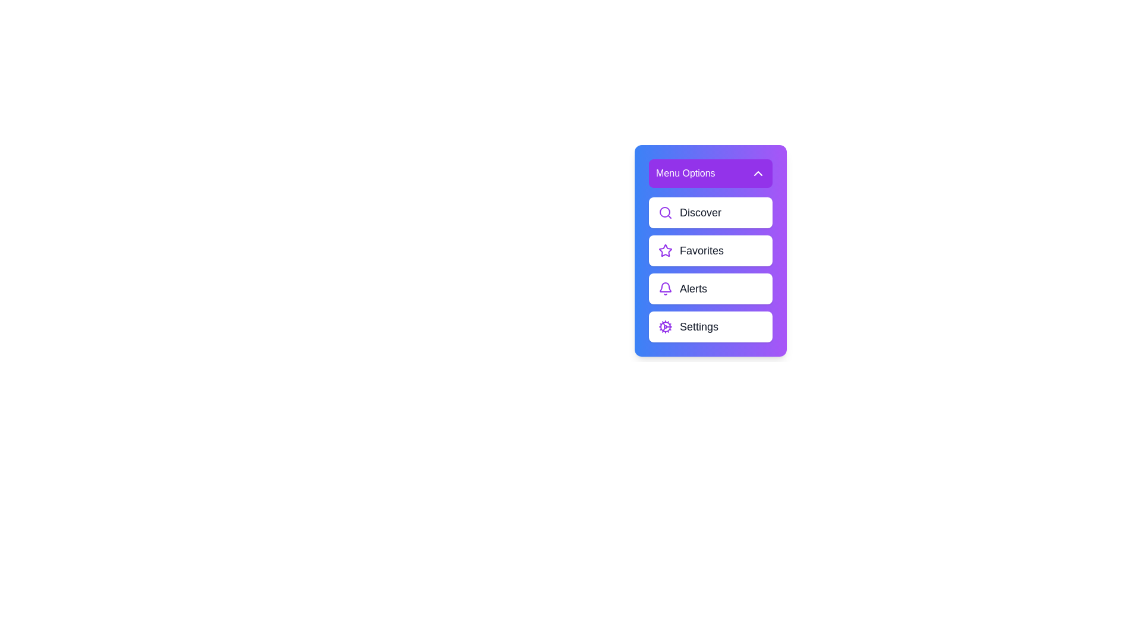  Describe the element at coordinates (693, 289) in the screenshot. I see `the text label that directs users to the alerts section, located in a vertical menu stack between 'Favorites' and 'Settings', with a bell icon on its left` at that location.